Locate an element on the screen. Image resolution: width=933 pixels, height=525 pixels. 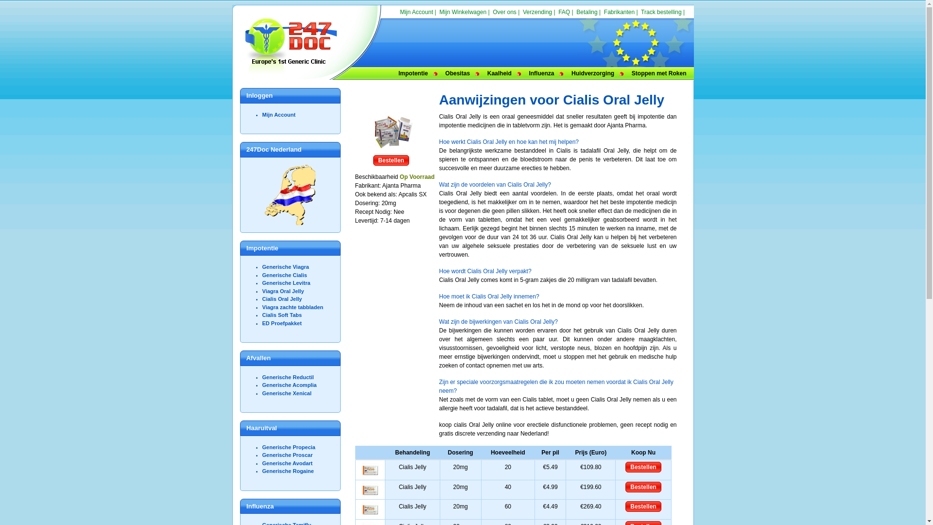
'Obesitas' is located at coordinates (445, 72).